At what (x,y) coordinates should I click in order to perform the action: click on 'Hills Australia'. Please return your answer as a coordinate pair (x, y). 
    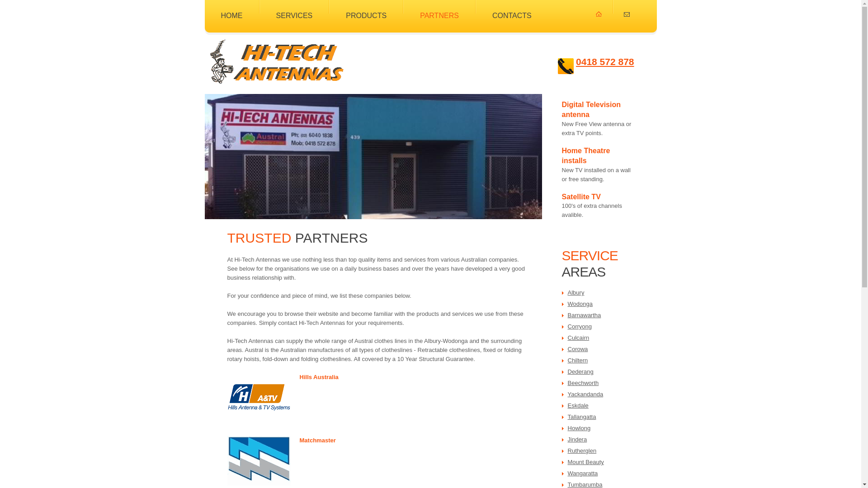
    Looking at the image, I should click on (319, 377).